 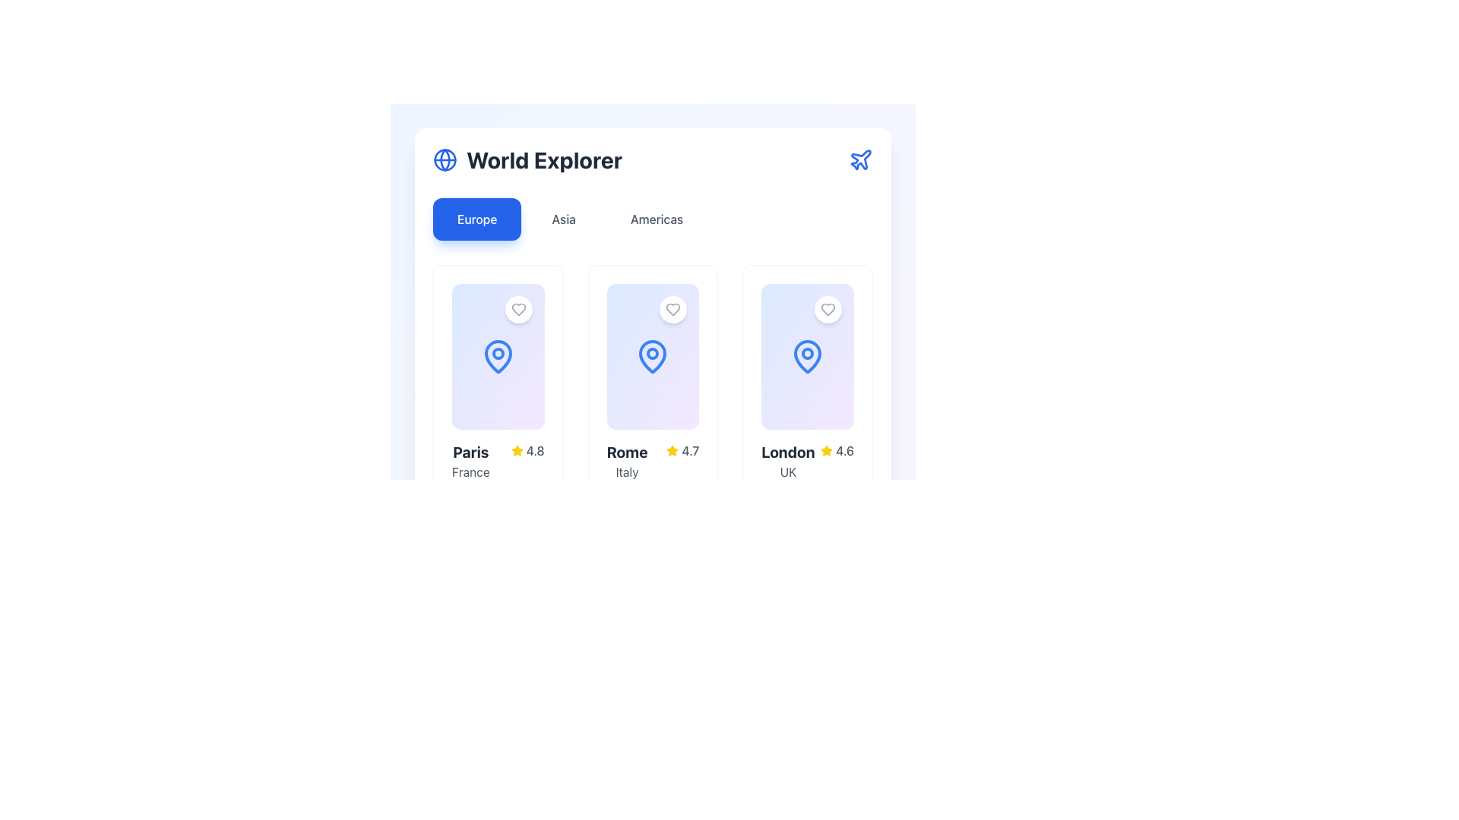 What do you see at coordinates (544, 160) in the screenshot?
I see `the text label reading 'World Explorer', which is styled in a bold and large font with a dark gray color, located in the top header region of the interface` at bounding box center [544, 160].